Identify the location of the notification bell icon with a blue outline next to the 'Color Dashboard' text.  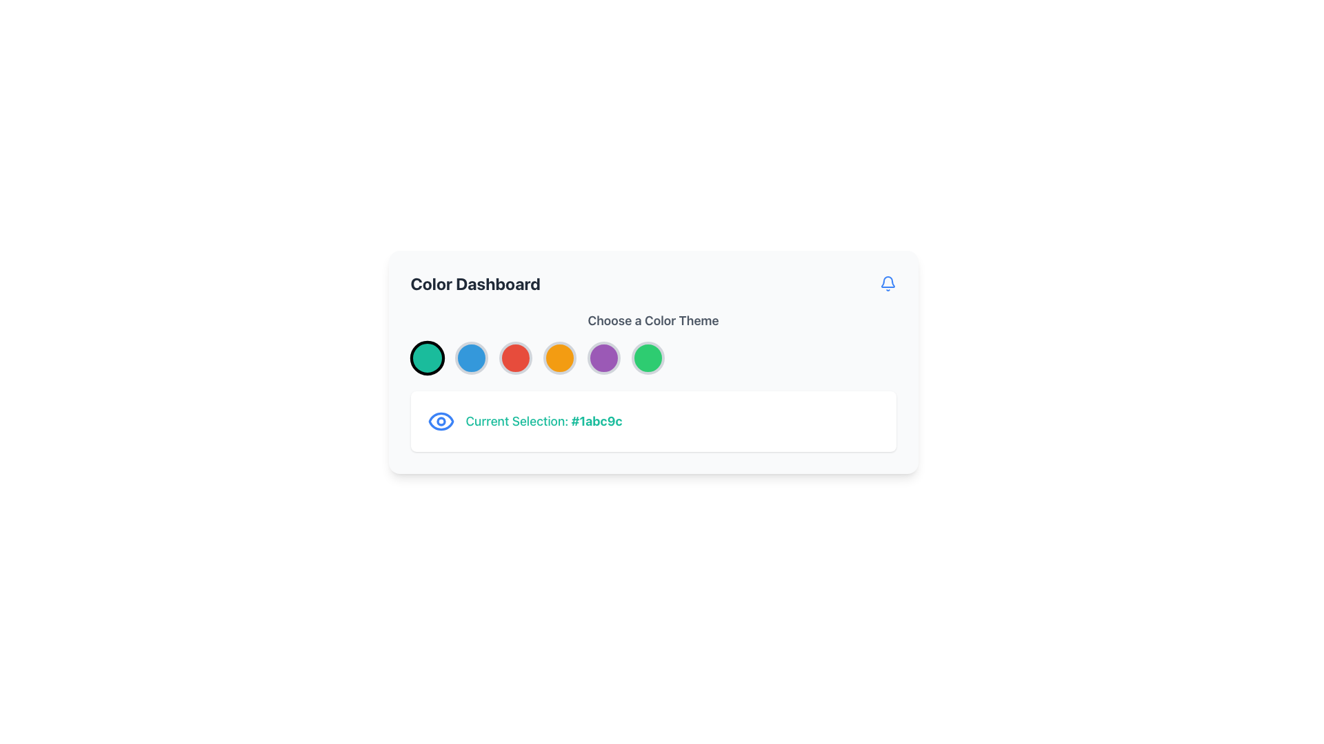
(887, 283).